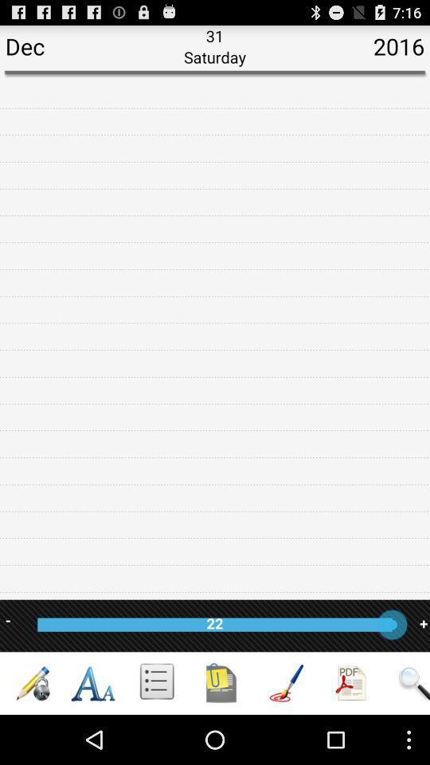  I want to click on the group icon, so click(351, 731).